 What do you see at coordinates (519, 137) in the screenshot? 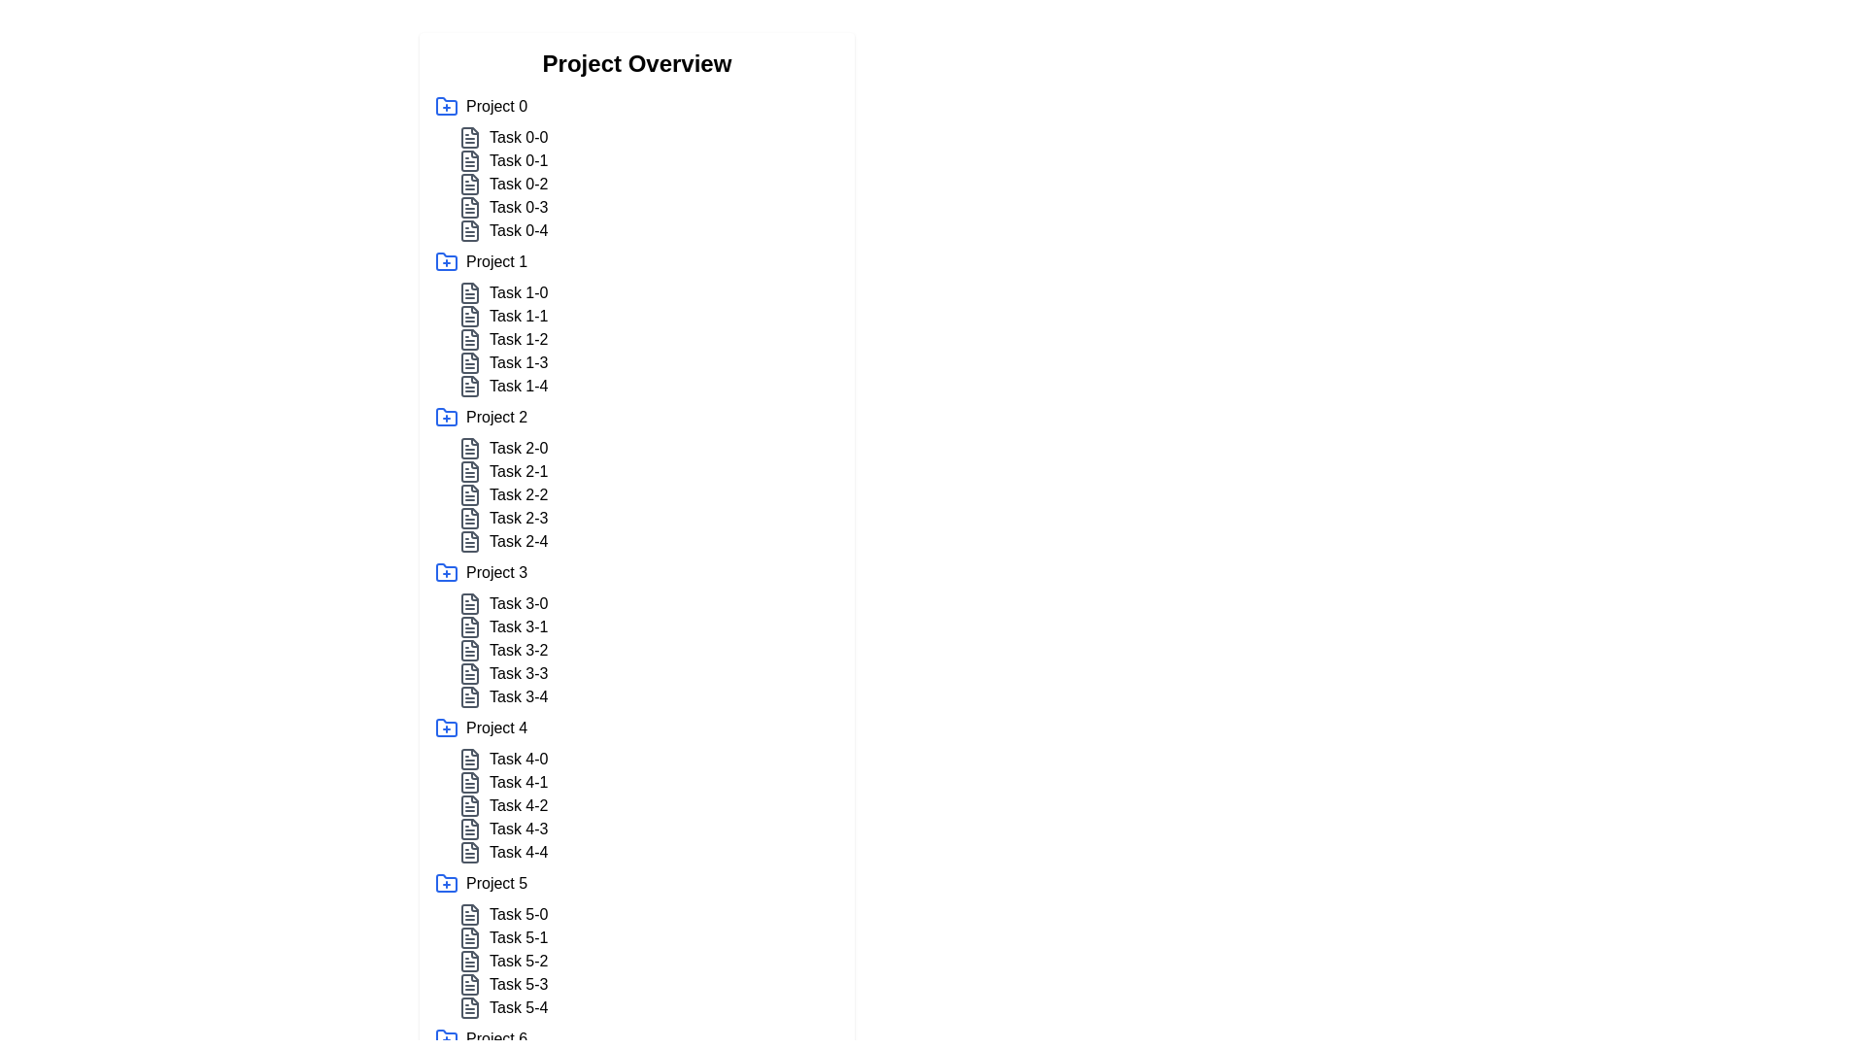
I see `the text label displaying 'Task 0-0' which is styled in black plain font and aligned horizontally, located under 'Project 0' in the 'Project Overview'` at bounding box center [519, 137].